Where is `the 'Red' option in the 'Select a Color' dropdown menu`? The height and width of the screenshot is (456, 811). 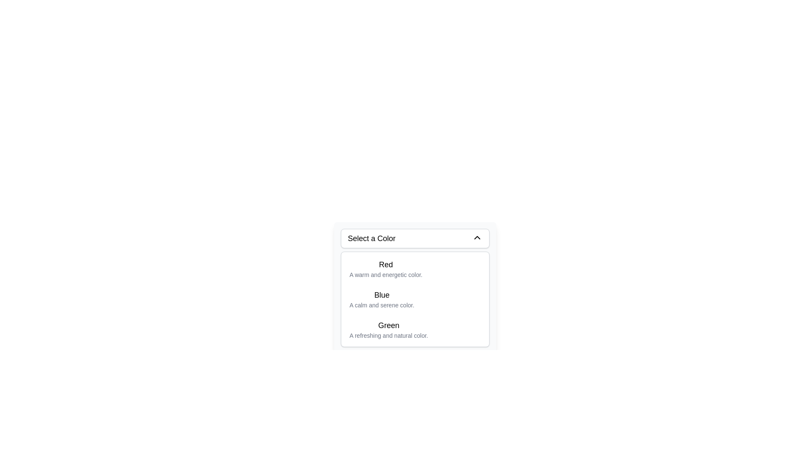
the 'Red' option in the 'Select a Color' dropdown menu is located at coordinates (415, 269).